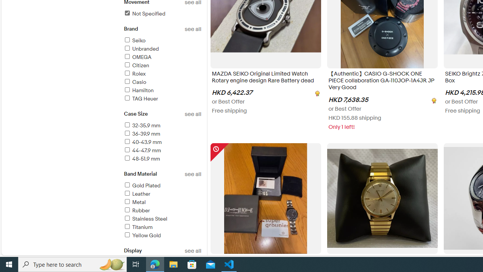 The width and height of the screenshot is (483, 272). Describe the element at coordinates (162, 202) in the screenshot. I see `'Metal'` at that location.